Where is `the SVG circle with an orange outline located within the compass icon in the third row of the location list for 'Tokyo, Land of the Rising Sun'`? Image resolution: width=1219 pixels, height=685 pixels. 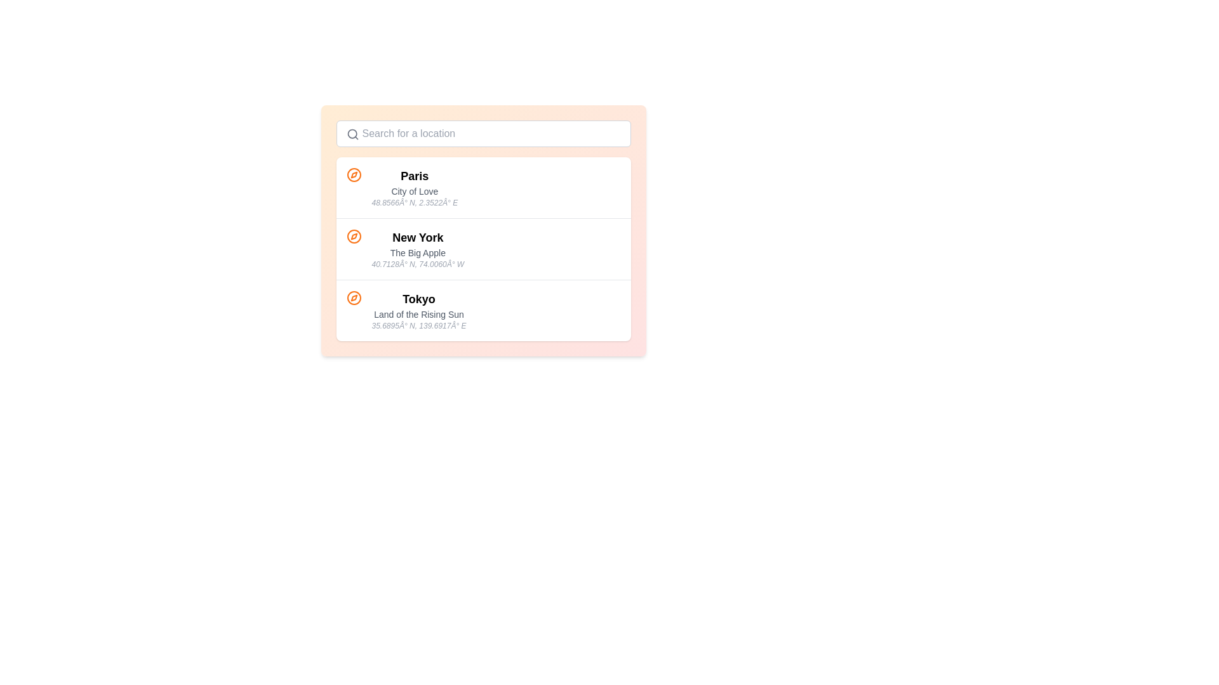
the SVG circle with an orange outline located within the compass icon in the third row of the location list for 'Tokyo, Land of the Rising Sun' is located at coordinates (354, 298).